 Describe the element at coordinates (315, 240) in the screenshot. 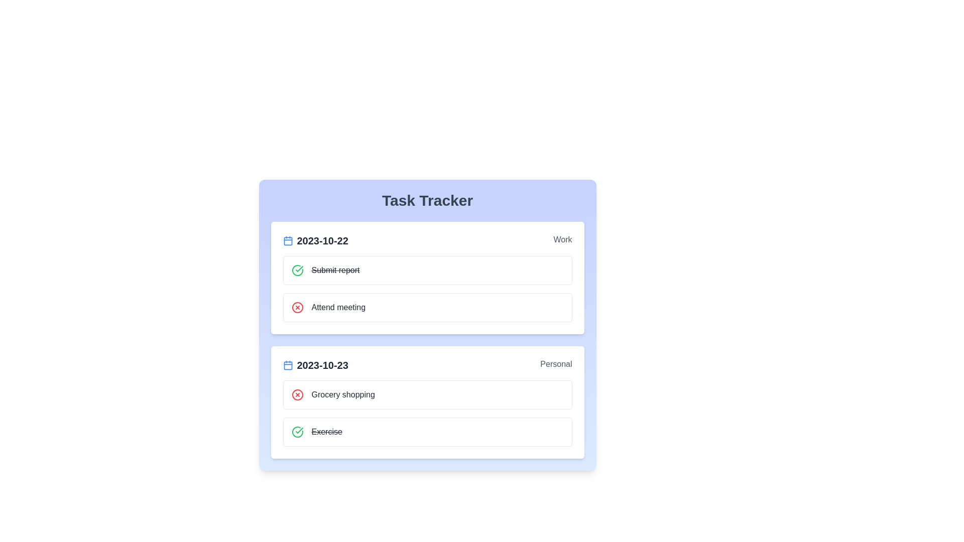

I see `the date header labeled '2023-10-22' to sort tasks by date` at that location.